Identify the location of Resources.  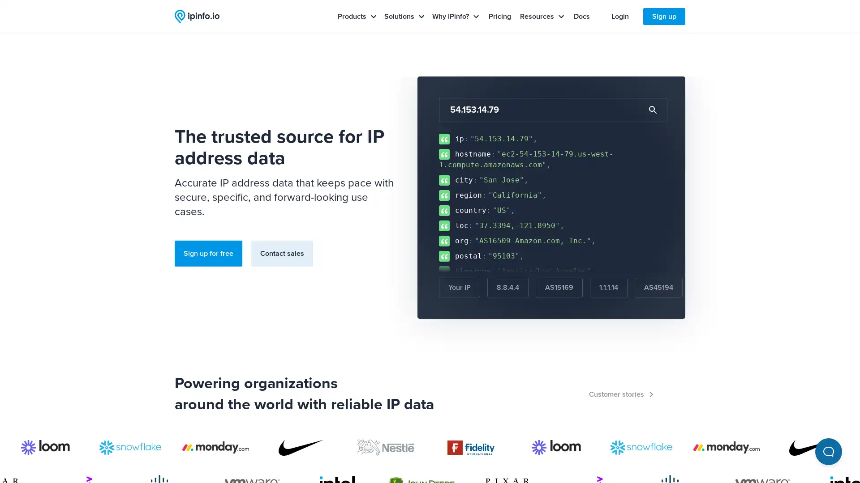
(542, 17).